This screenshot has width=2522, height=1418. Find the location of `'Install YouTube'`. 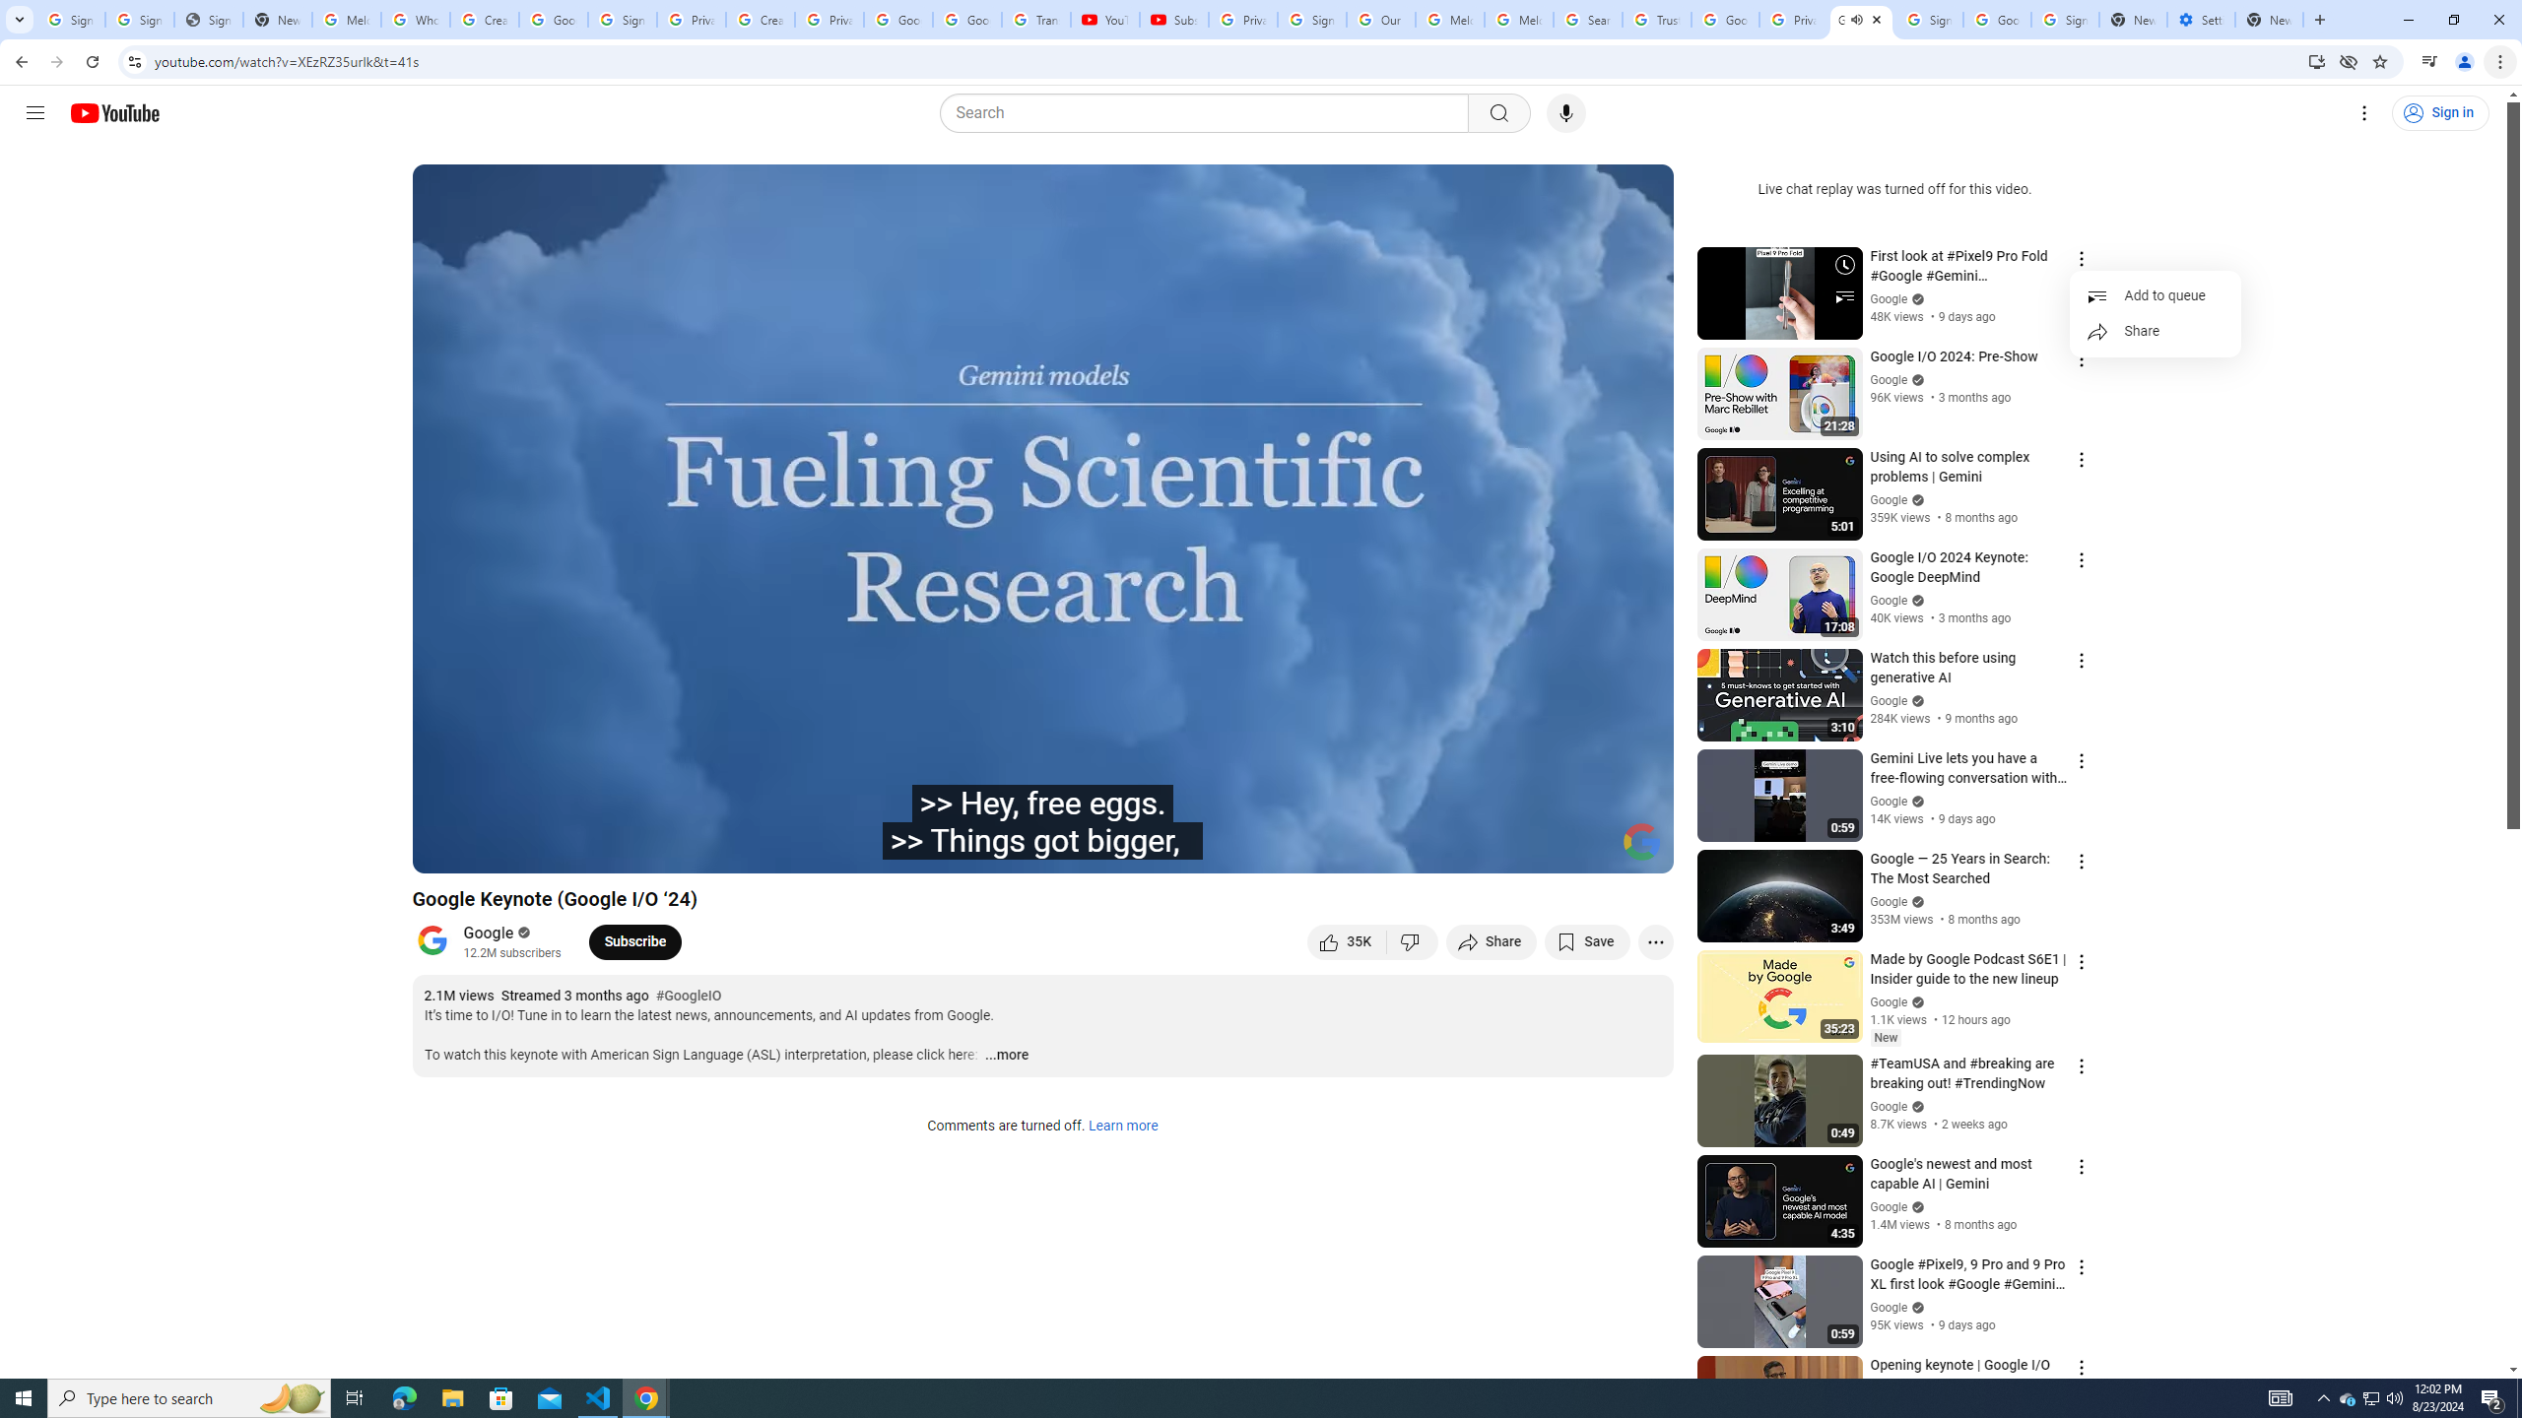

'Install YouTube' is located at coordinates (2316, 60).